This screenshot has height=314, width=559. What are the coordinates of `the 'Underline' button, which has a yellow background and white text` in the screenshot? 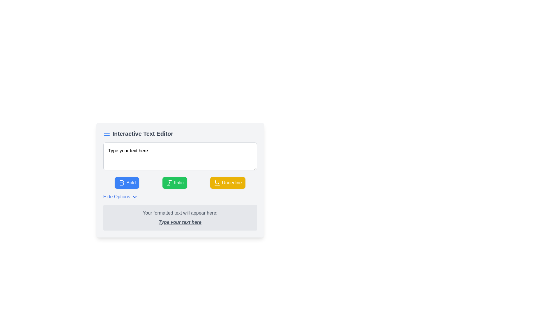 It's located at (227, 182).